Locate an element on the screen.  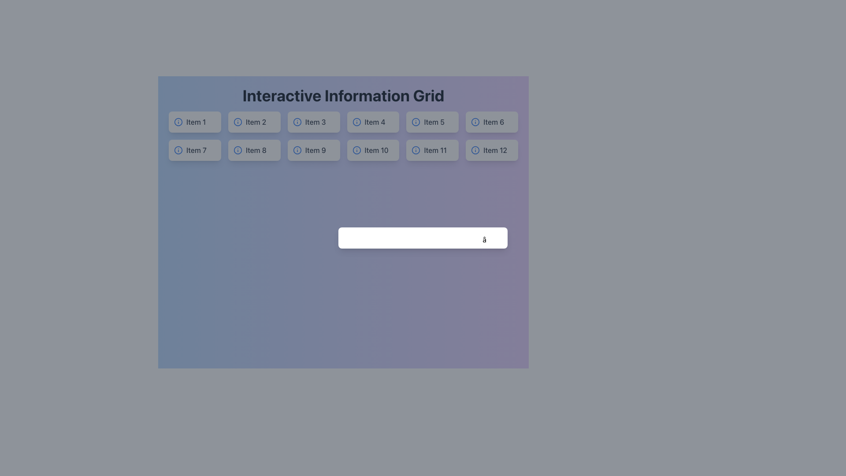
the button in the second row, fourth column of the grid is located at coordinates (373, 149).